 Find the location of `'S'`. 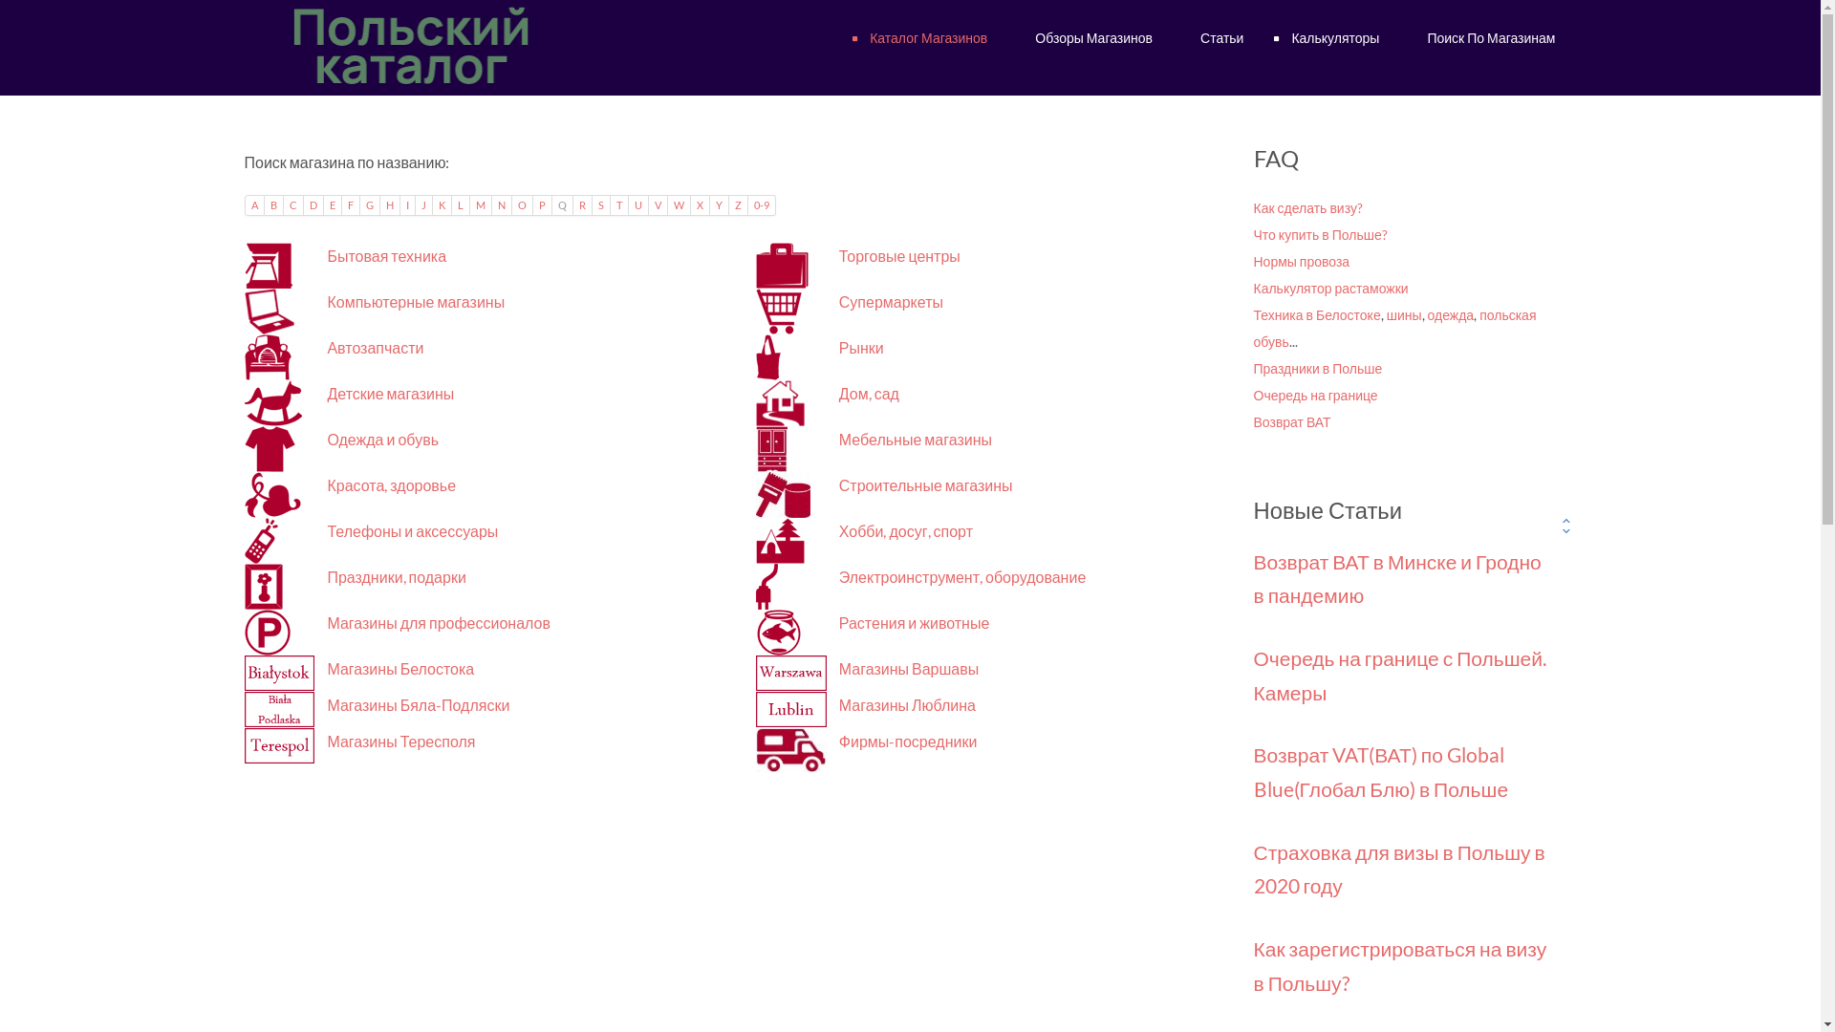

'S' is located at coordinates (600, 205).